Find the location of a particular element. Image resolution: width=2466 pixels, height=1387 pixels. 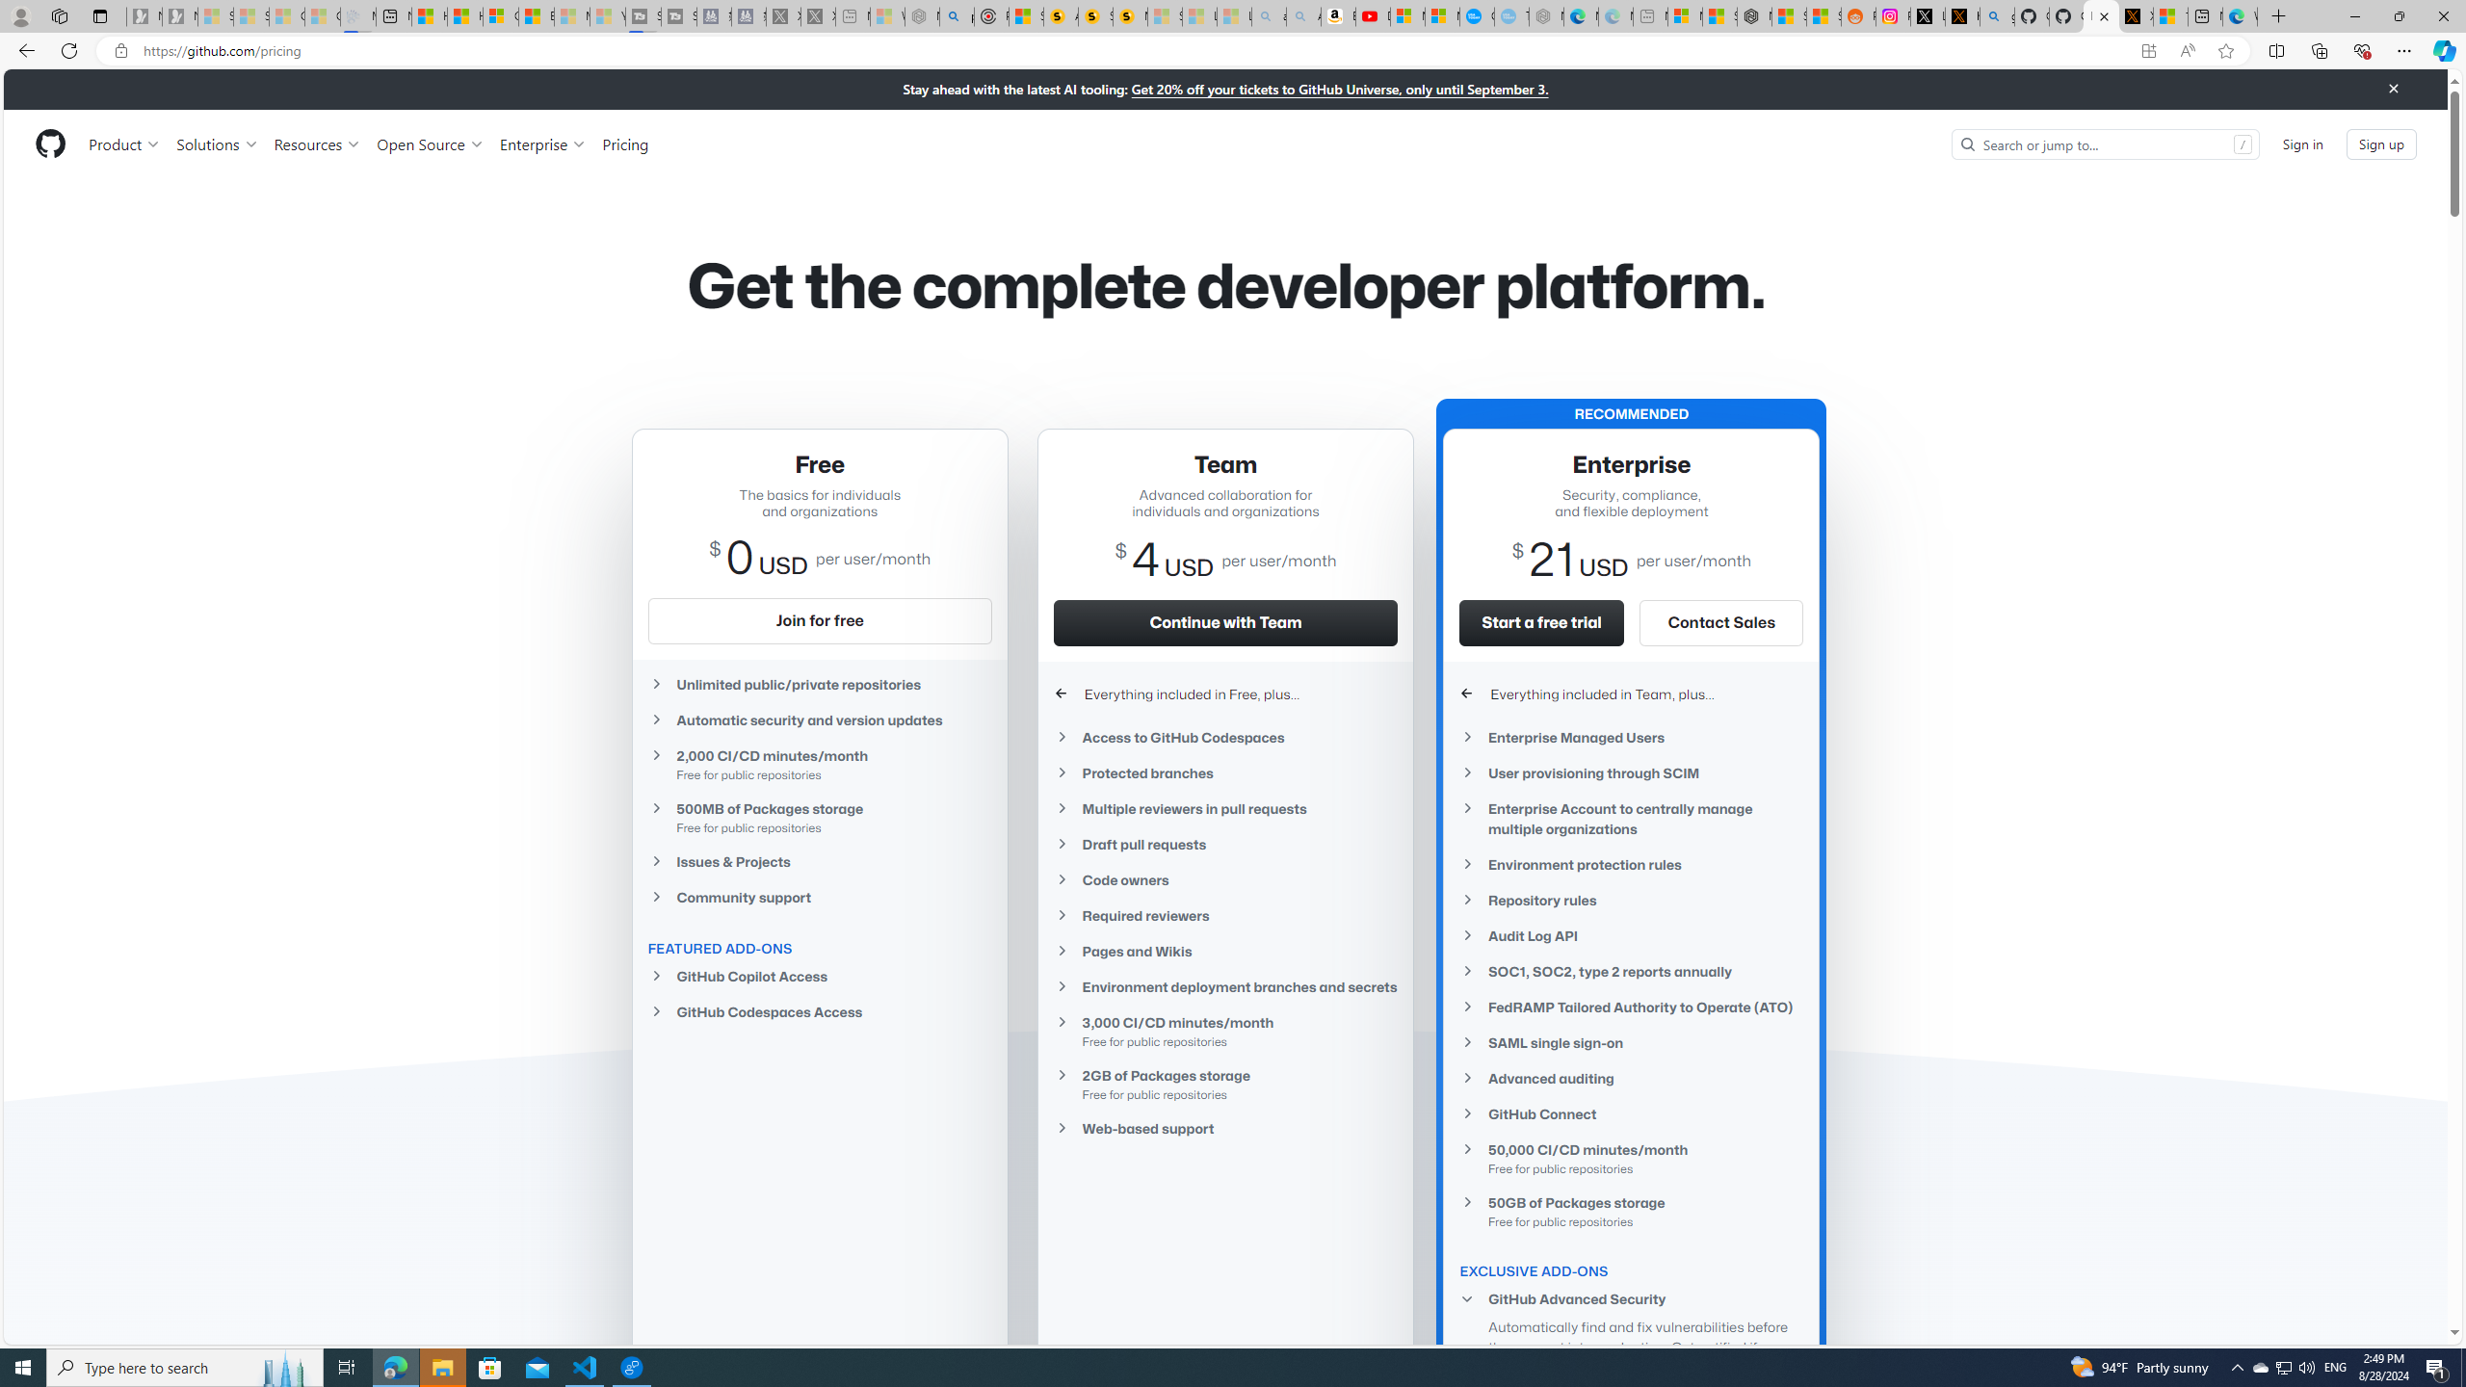

'Newsletter Sign Up - Sleeping' is located at coordinates (179, 15).